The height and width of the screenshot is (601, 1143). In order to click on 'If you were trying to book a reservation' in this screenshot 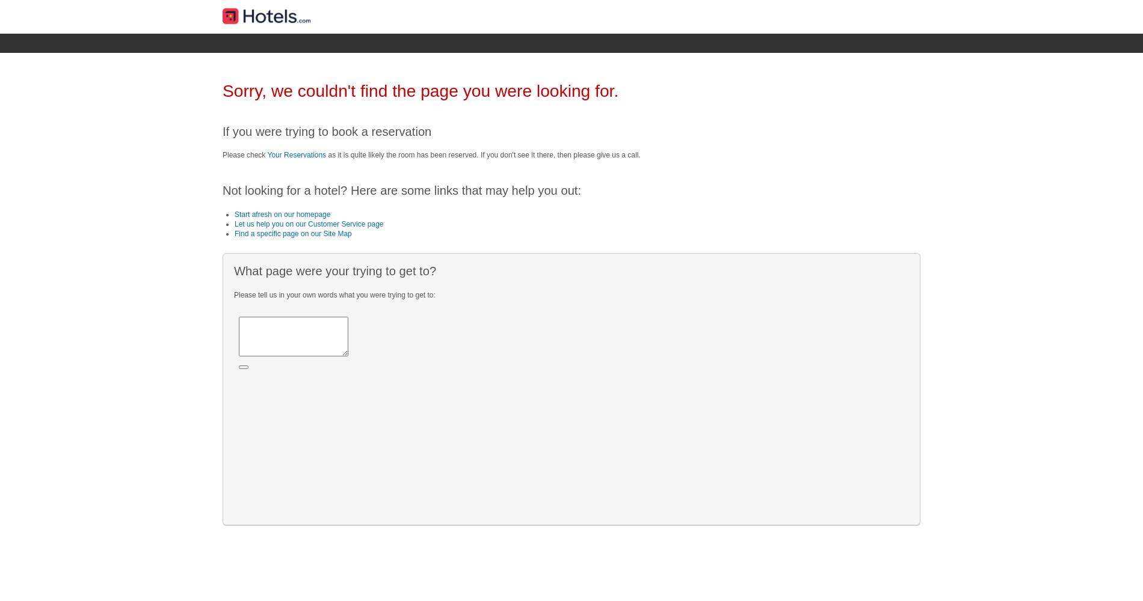, I will do `click(327, 130)`.